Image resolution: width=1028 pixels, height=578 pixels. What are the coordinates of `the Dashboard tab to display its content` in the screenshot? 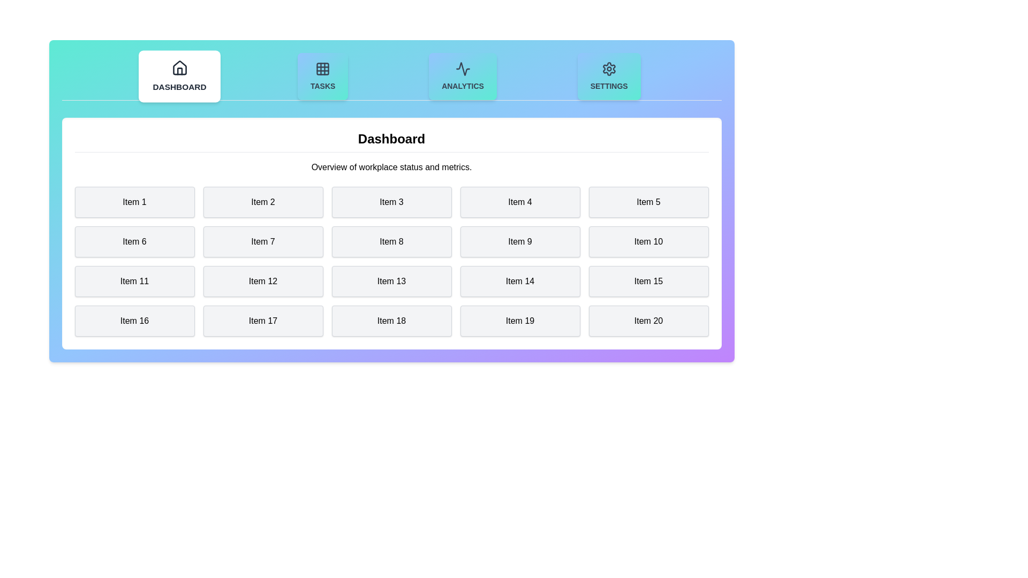 It's located at (179, 75).